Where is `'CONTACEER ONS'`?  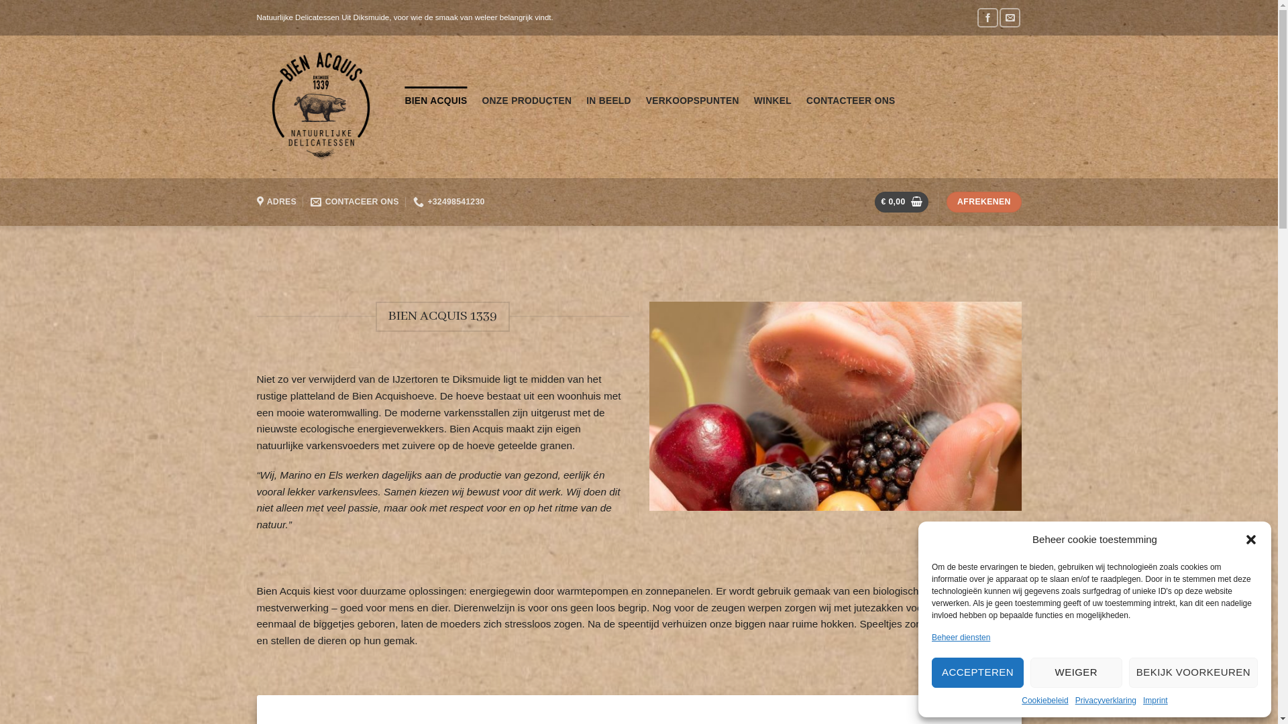
'CONTACEER ONS' is located at coordinates (354, 202).